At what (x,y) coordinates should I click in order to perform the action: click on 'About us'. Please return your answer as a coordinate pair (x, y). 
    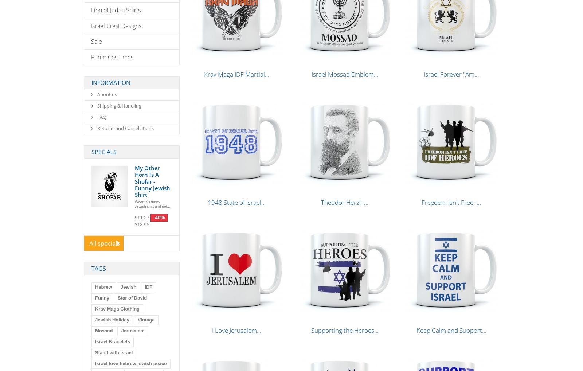
    Looking at the image, I should click on (106, 94).